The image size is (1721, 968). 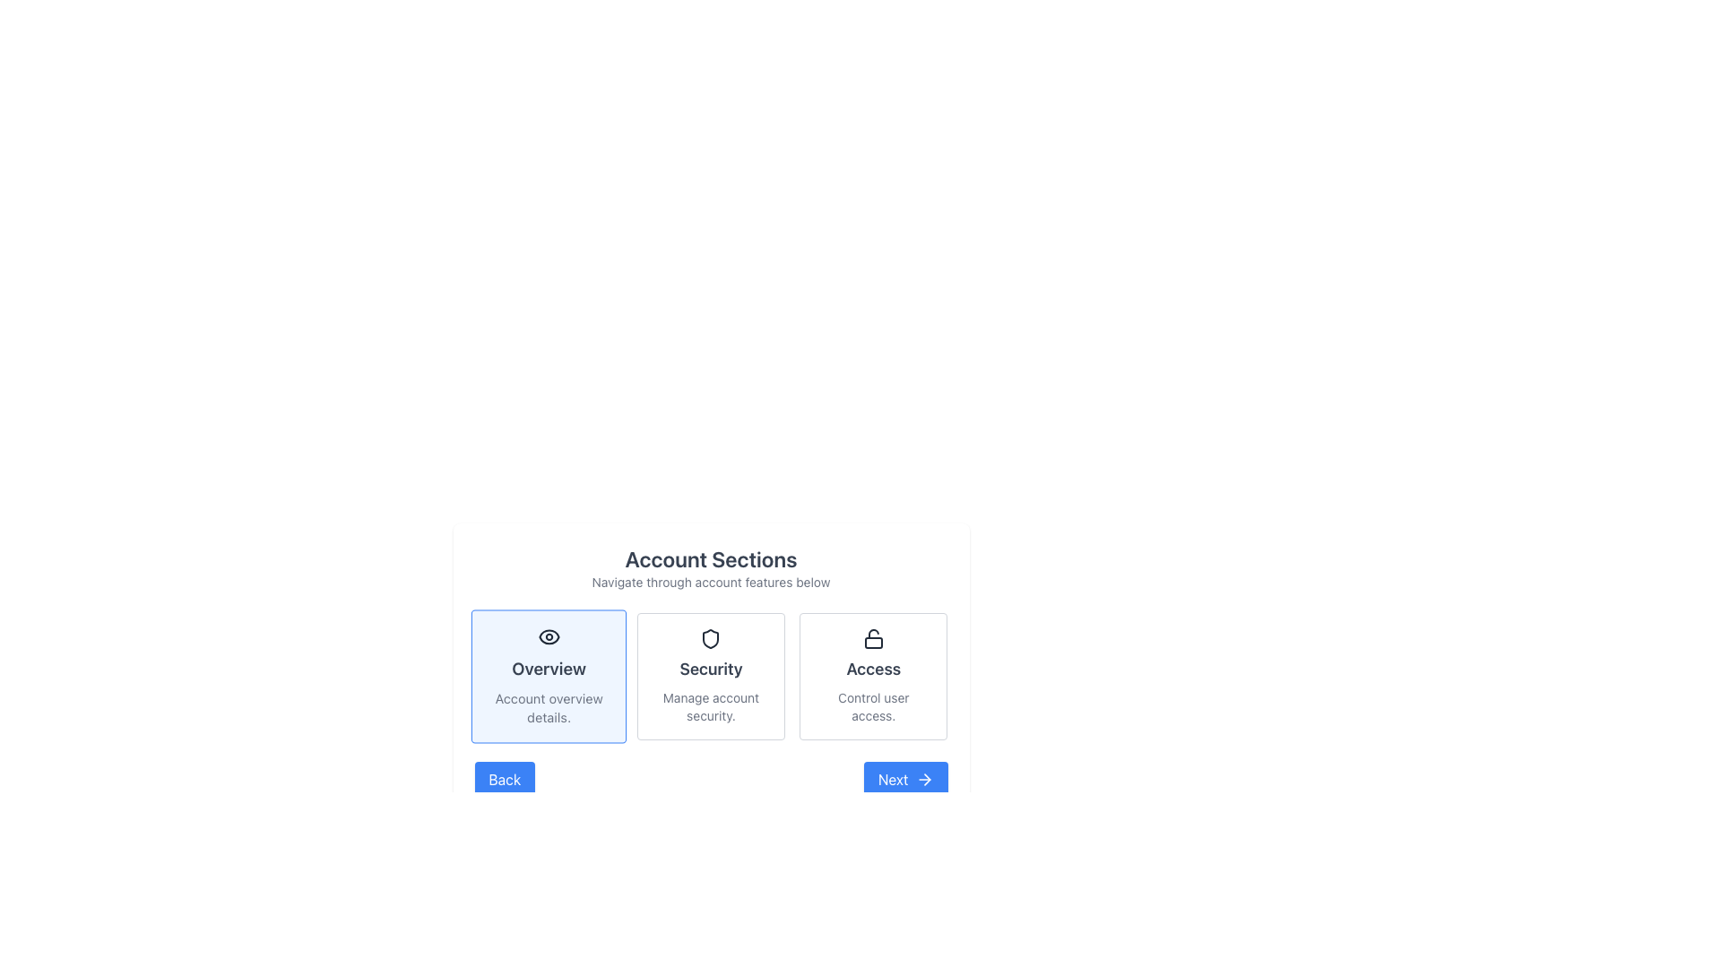 I want to click on keyboard navigation, so click(x=710, y=677).